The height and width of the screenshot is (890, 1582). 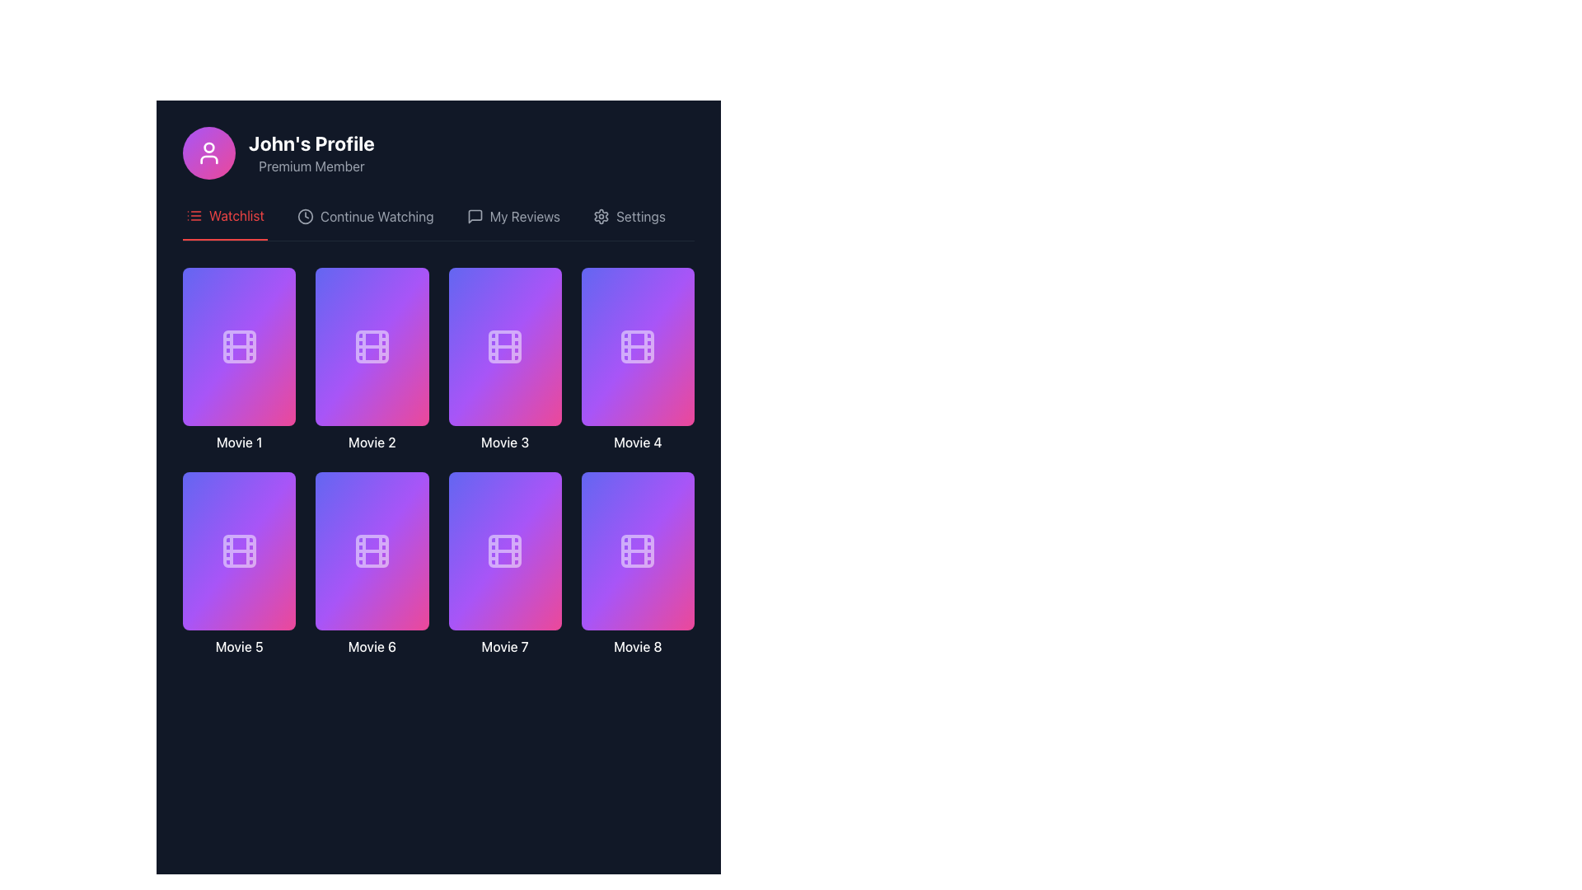 I want to click on the movie thumbnail icon labeled 'Movie 7' located in the third row, first column of the grid layout, so click(x=504, y=550).